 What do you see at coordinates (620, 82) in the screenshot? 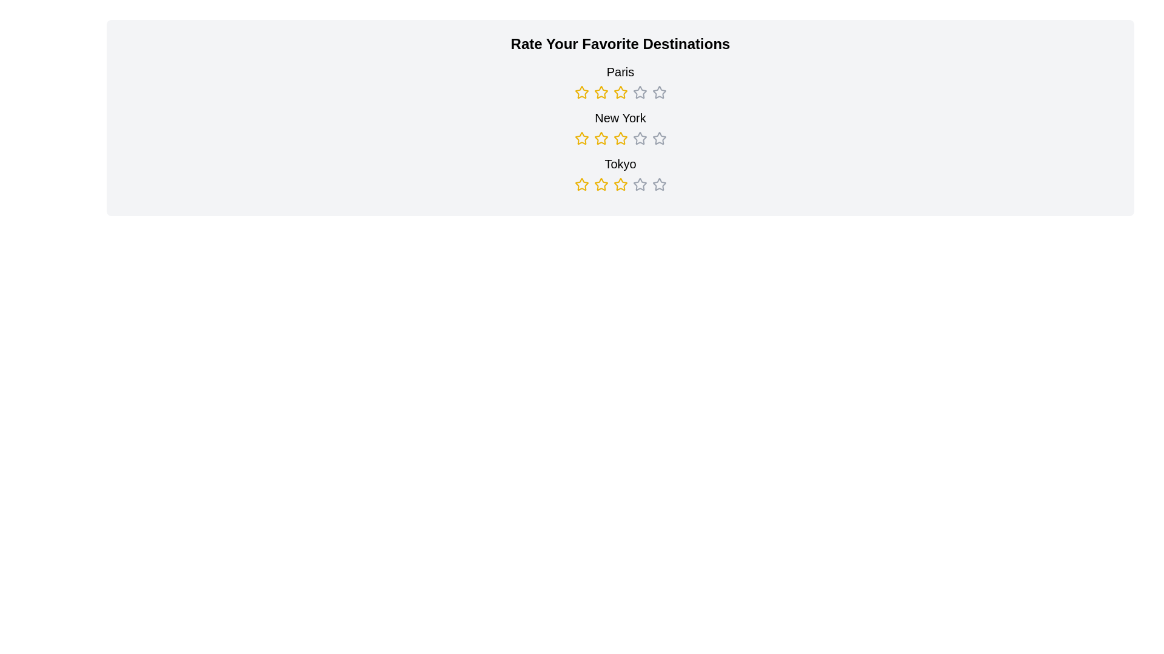
I see `the text label displaying 'Paris', which is a medium-large, bold font centered above the star rating icons for 'Paris'` at bounding box center [620, 82].